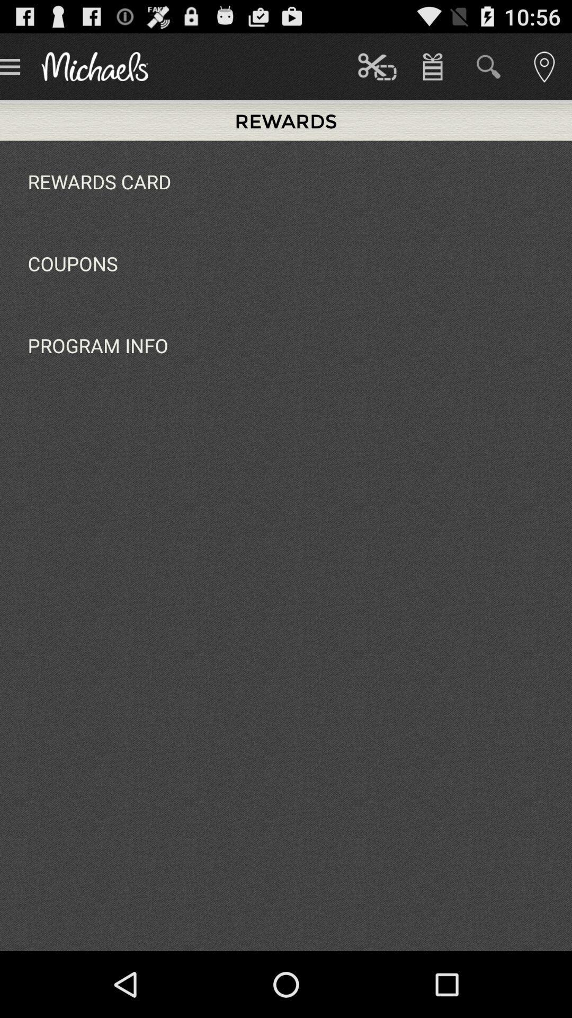 Image resolution: width=572 pixels, height=1018 pixels. I want to click on the rewards card app, so click(99, 181).